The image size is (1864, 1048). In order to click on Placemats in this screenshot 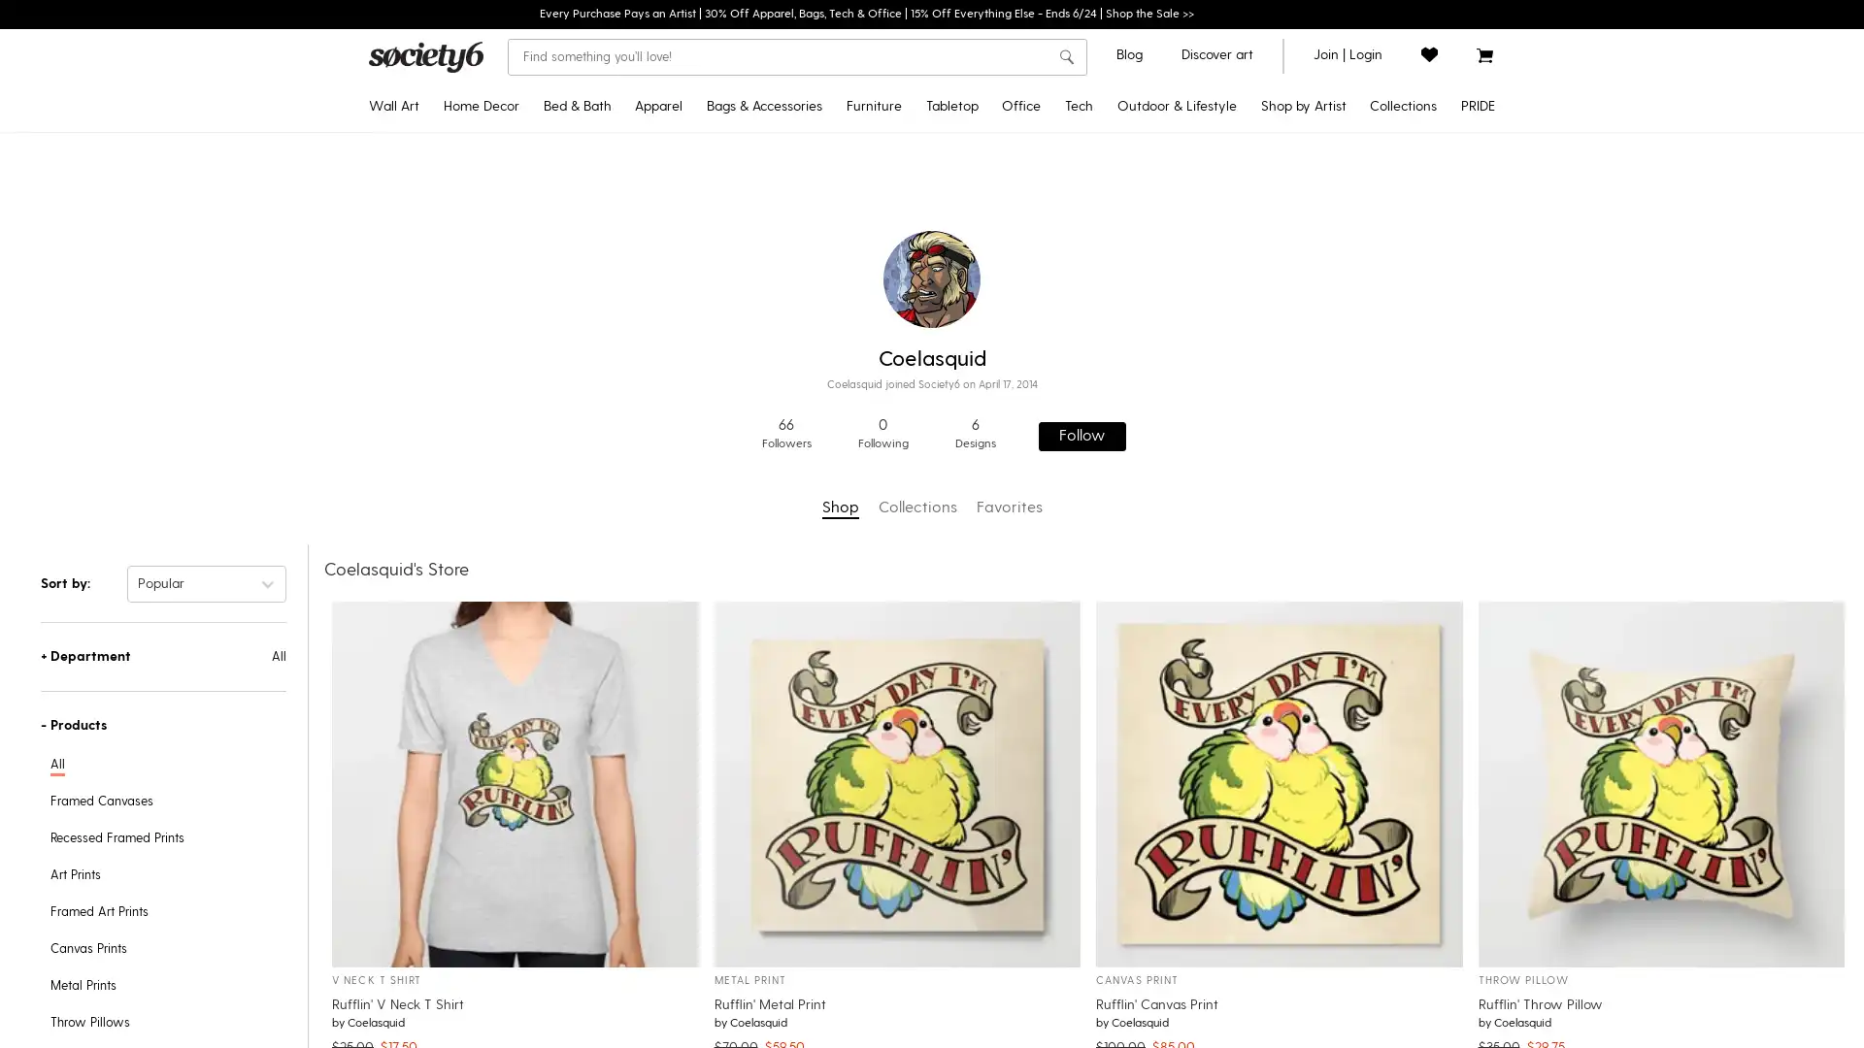, I will do `click(987, 280)`.